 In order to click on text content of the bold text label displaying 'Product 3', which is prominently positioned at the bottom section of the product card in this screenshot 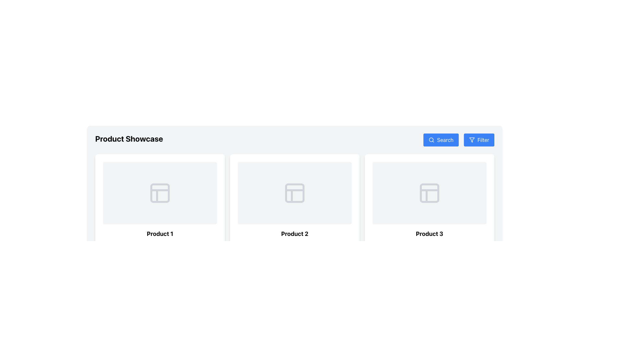, I will do `click(429, 234)`.